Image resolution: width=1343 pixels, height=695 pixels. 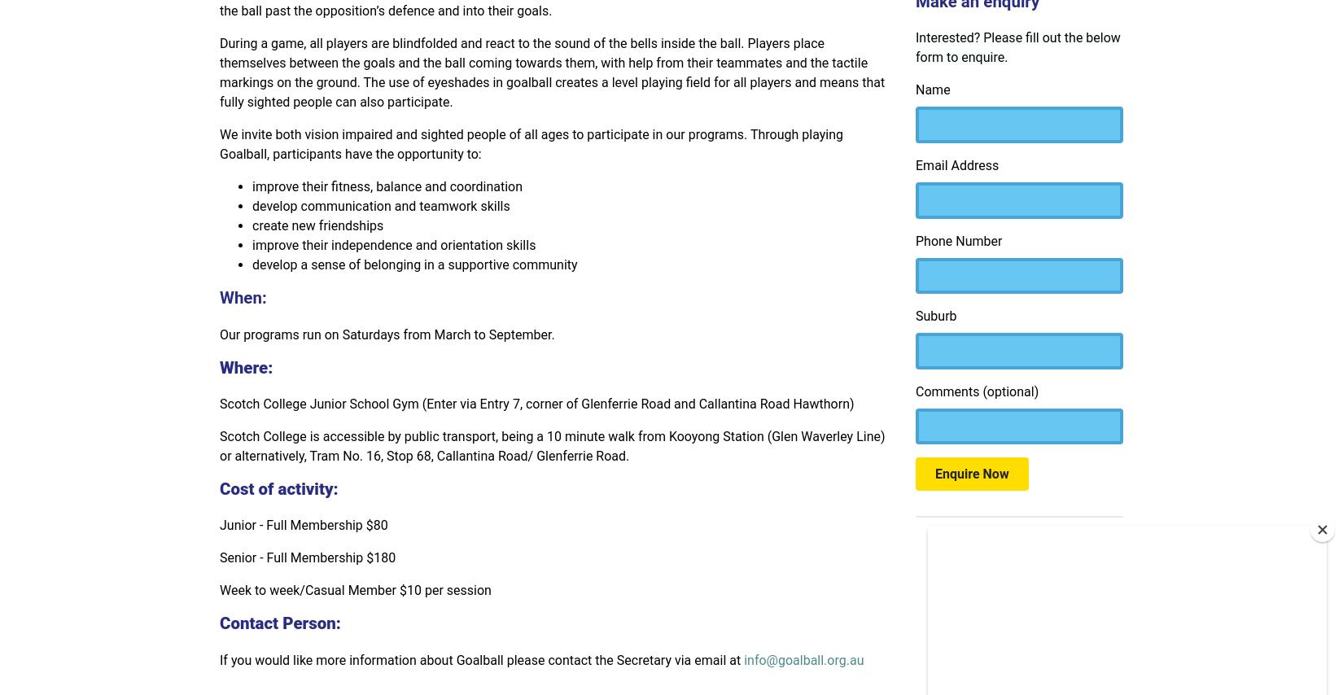 What do you see at coordinates (936, 315) in the screenshot?
I see `'Suburb'` at bounding box center [936, 315].